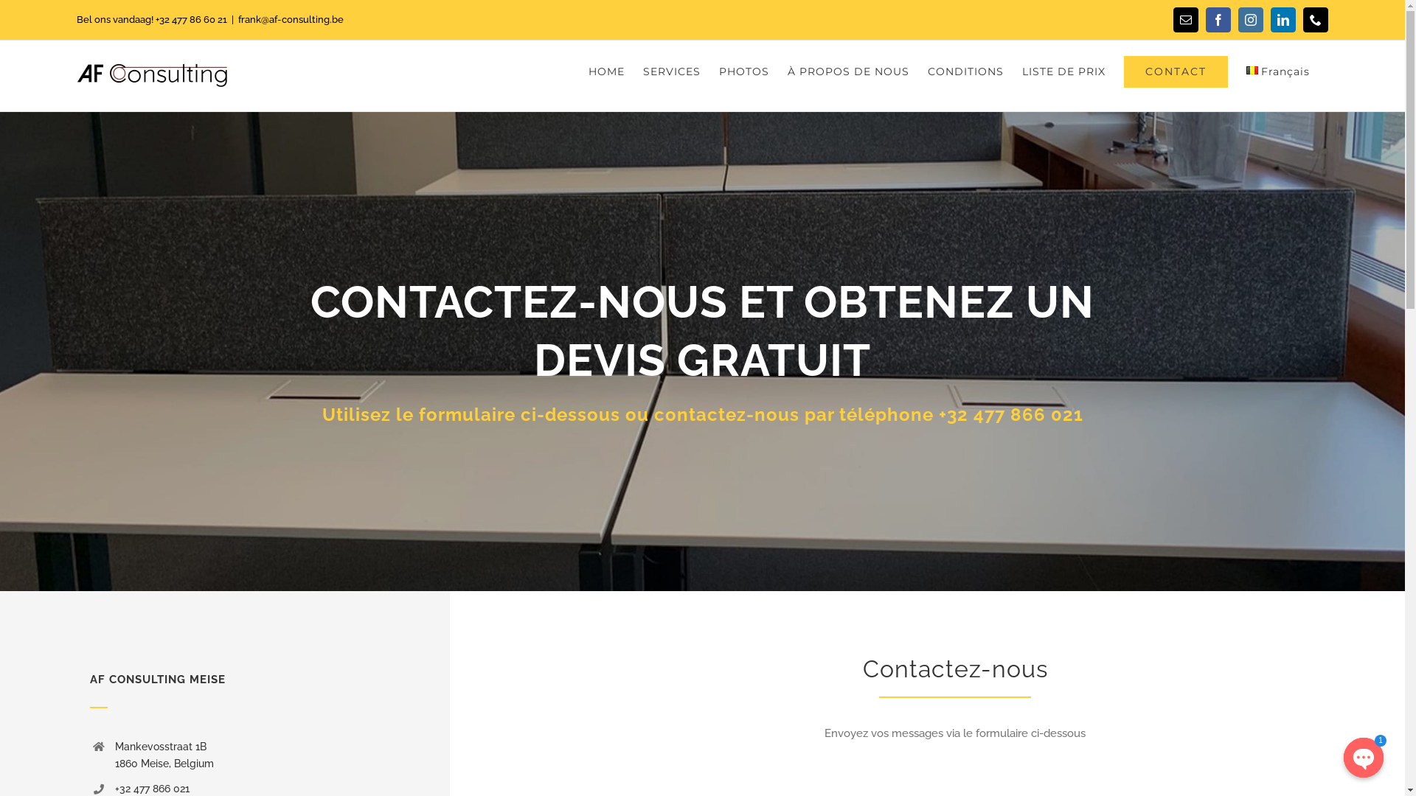 The width and height of the screenshot is (1416, 796). What do you see at coordinates (291, 19) in the screenshot?
I see `'frank@af-consulting.be'` at bounding box center [291, 19].